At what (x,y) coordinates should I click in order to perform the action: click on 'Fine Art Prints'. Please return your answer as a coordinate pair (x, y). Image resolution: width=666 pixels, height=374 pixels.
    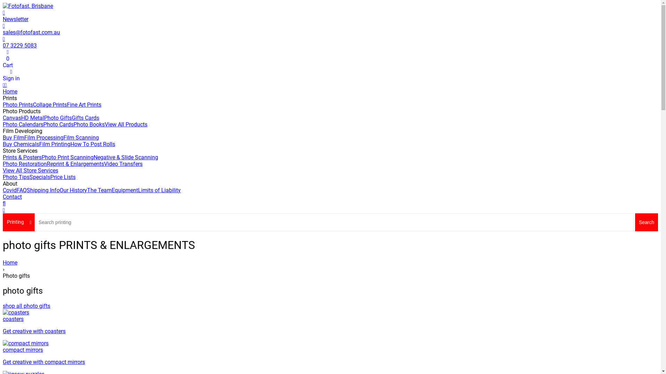
    Looking at the image, I should click on (84, 105).